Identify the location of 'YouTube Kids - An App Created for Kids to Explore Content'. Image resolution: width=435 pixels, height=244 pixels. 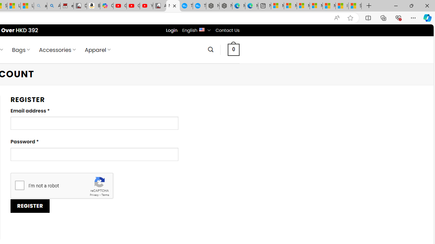
(146, 6).